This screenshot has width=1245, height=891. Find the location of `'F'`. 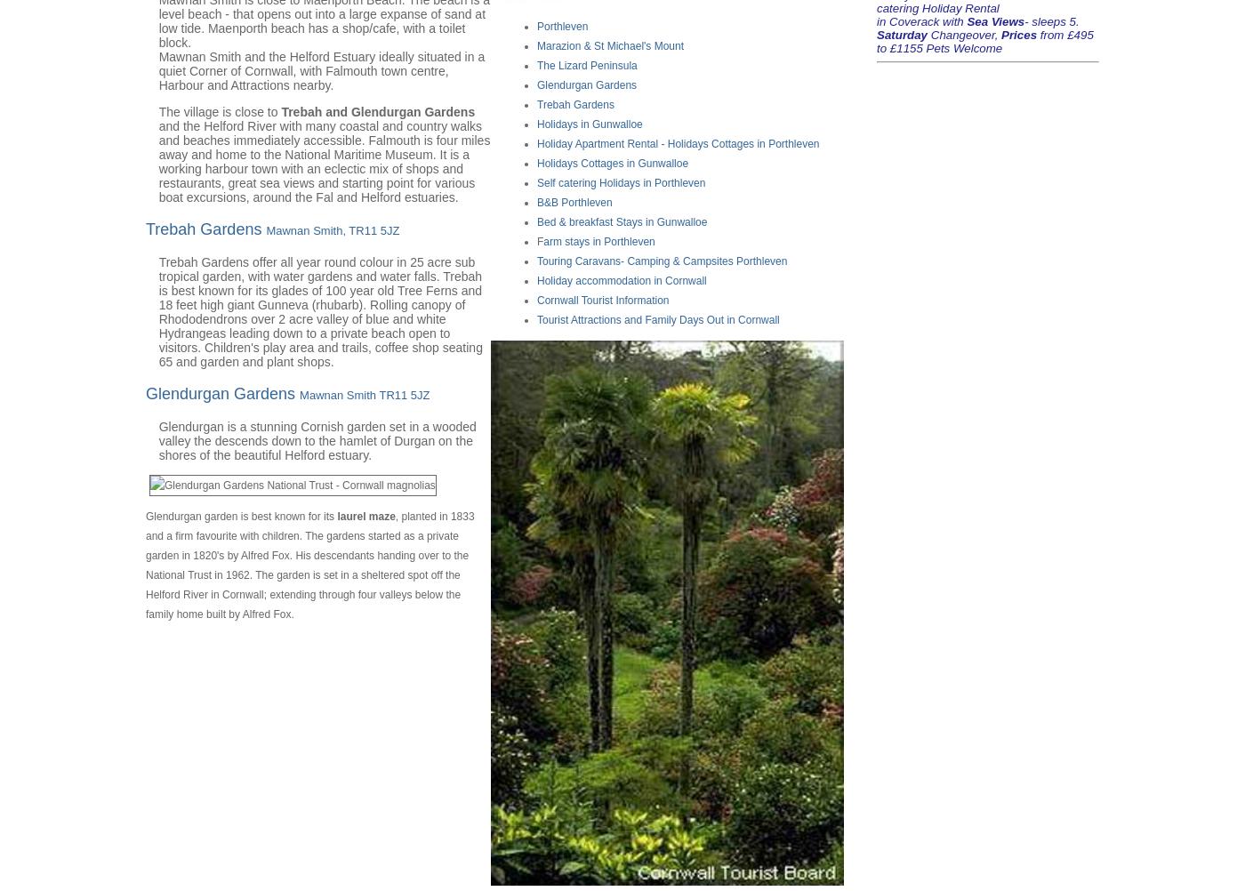

'F' is located at coordinates (540, 240).